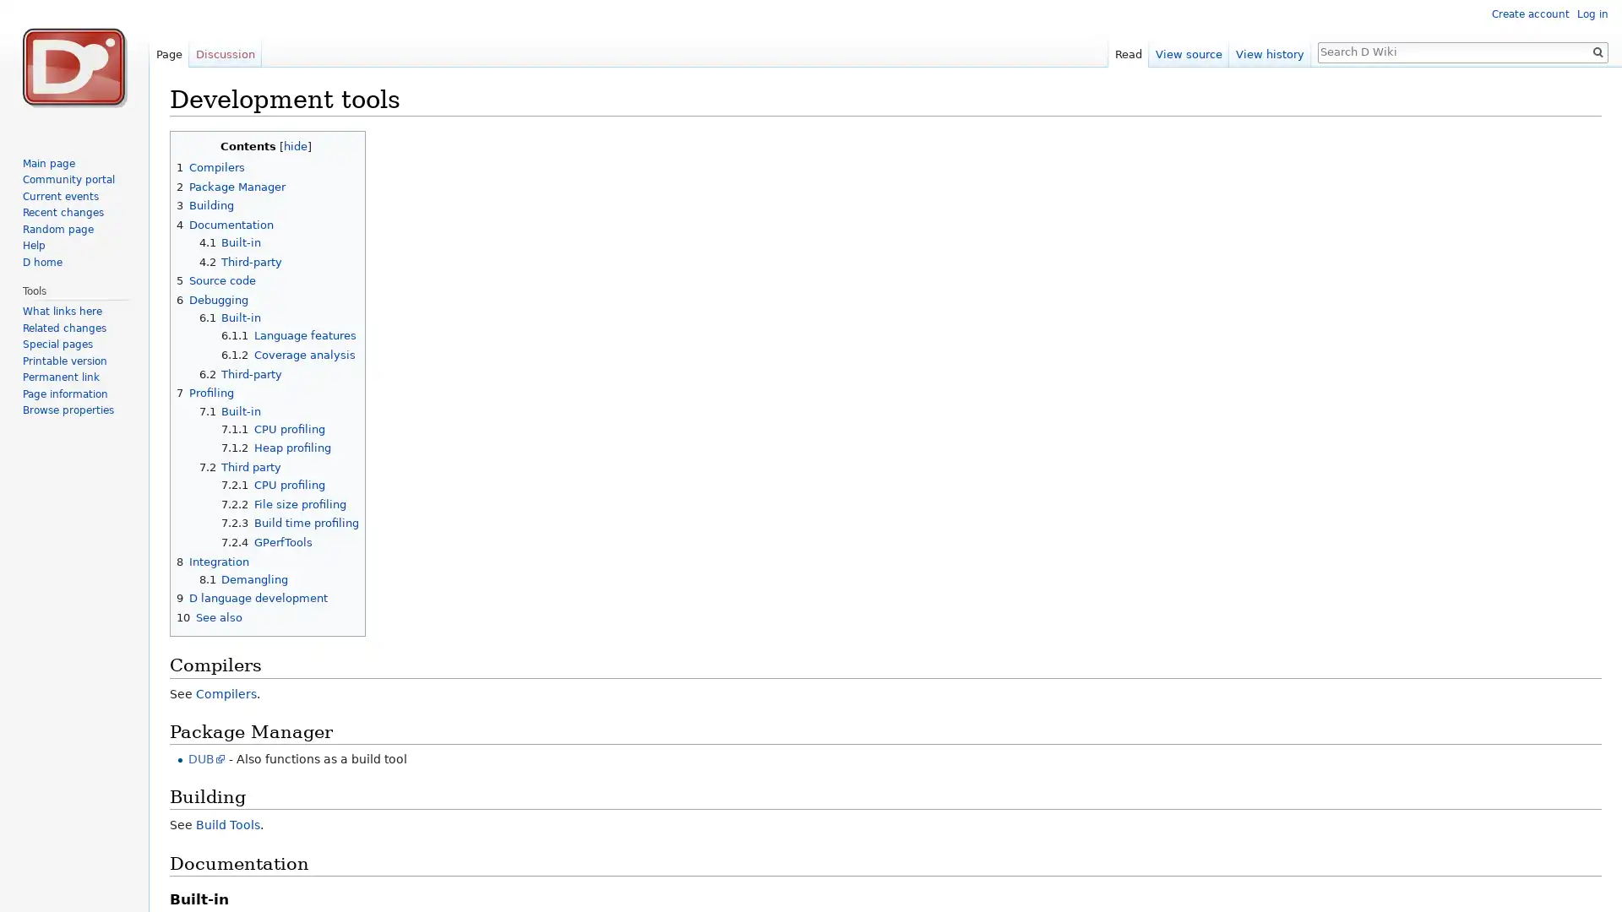 Image resolution: width=1622 pixels, height=912 pixels. What do you see at coordinates (1597, 51) in the screenshot?
I see `Go` at bounding box center [1597, 51].